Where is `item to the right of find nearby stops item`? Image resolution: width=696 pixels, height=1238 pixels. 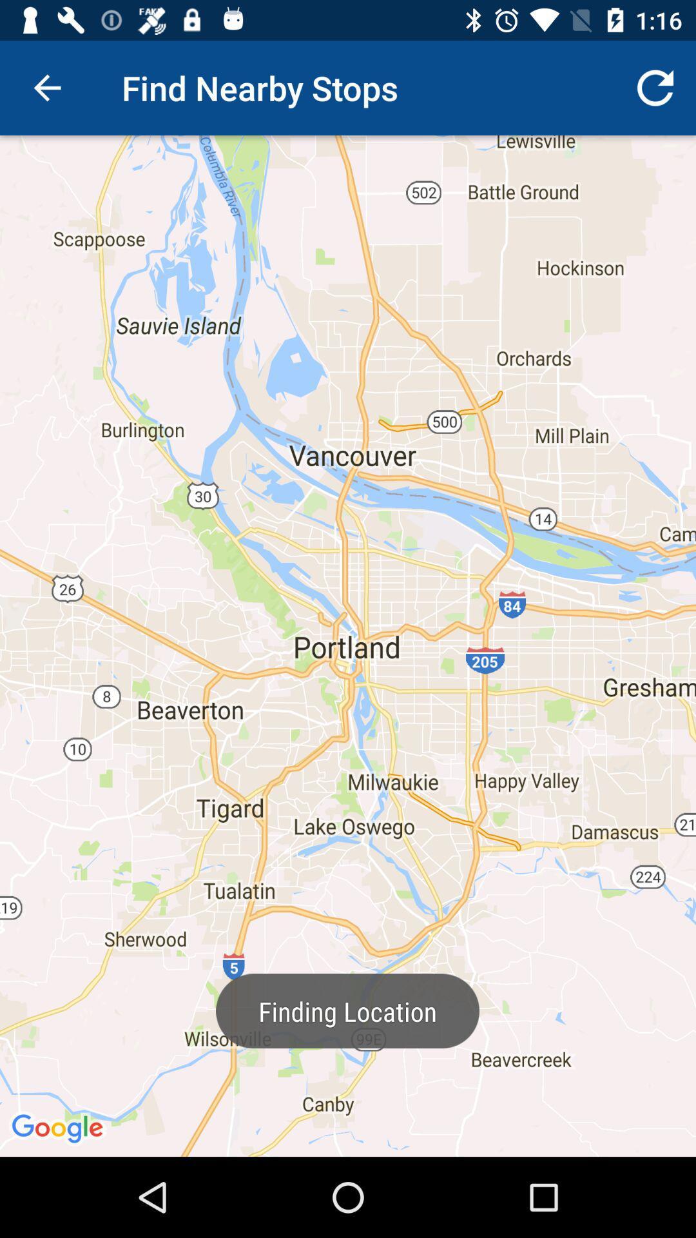 item to the right of find nearby stops item is located at coordinates (655, 87).